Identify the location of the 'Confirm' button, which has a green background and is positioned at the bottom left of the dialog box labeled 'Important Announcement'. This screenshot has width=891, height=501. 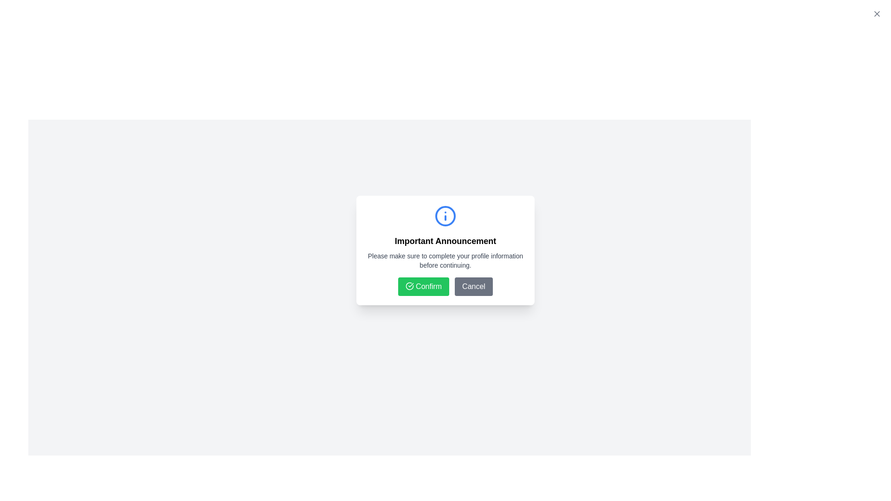
(445, 286).